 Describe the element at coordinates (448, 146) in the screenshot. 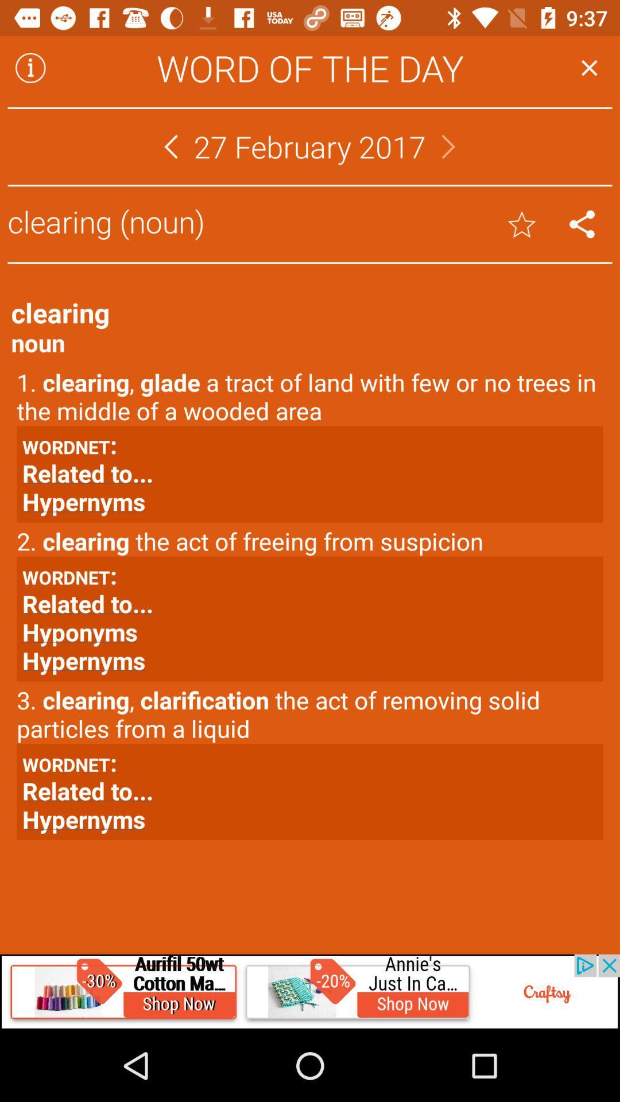

I see `next the option` at that location.